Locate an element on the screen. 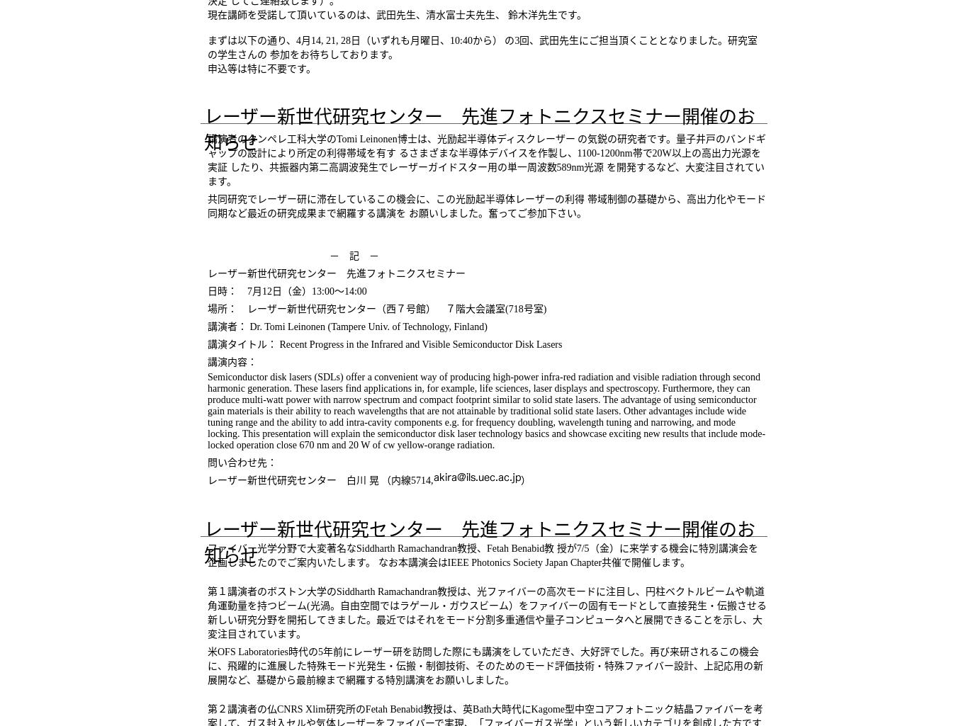 This screenshot has height=726, width=968. '講演タイトル： Recent Progress in the Infrared and Visible Semiconductor
Disk Lasers' is located at coordinates (384, 344).